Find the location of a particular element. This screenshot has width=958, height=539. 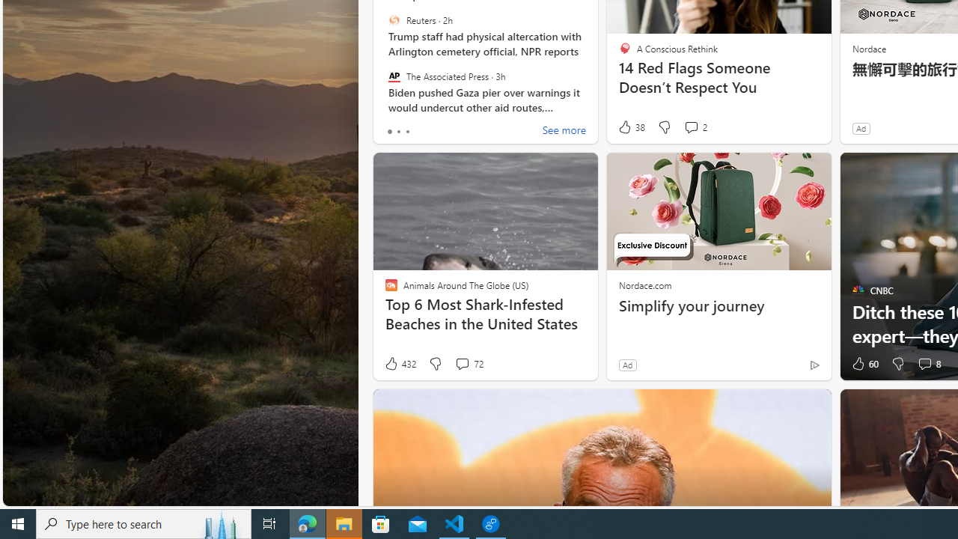

'Simplify your journey' is located at coordinates (718, 305).